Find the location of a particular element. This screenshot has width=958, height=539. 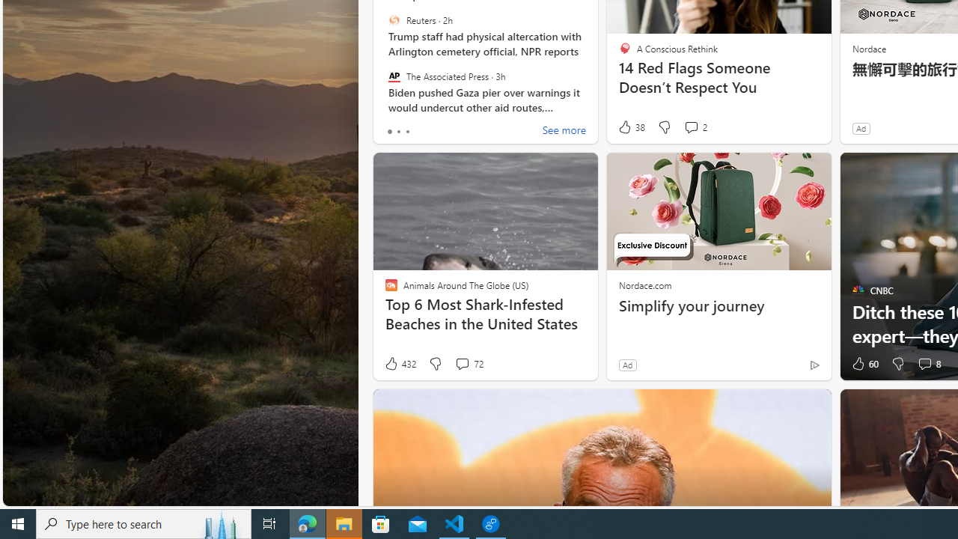

'Simplify your journey' is located at coordinates (718, 305).